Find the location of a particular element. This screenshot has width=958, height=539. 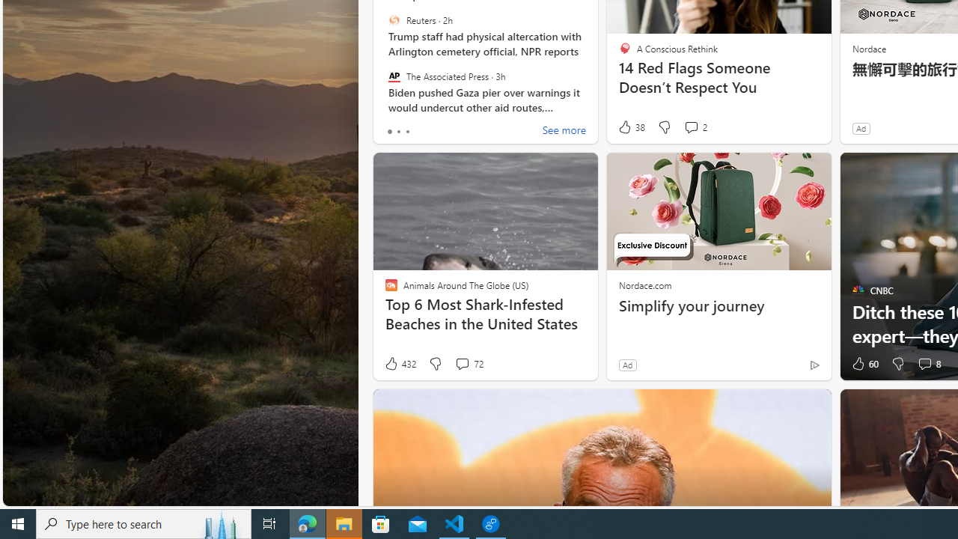

'Simplify your journey' is located at coordinates (718, 305).